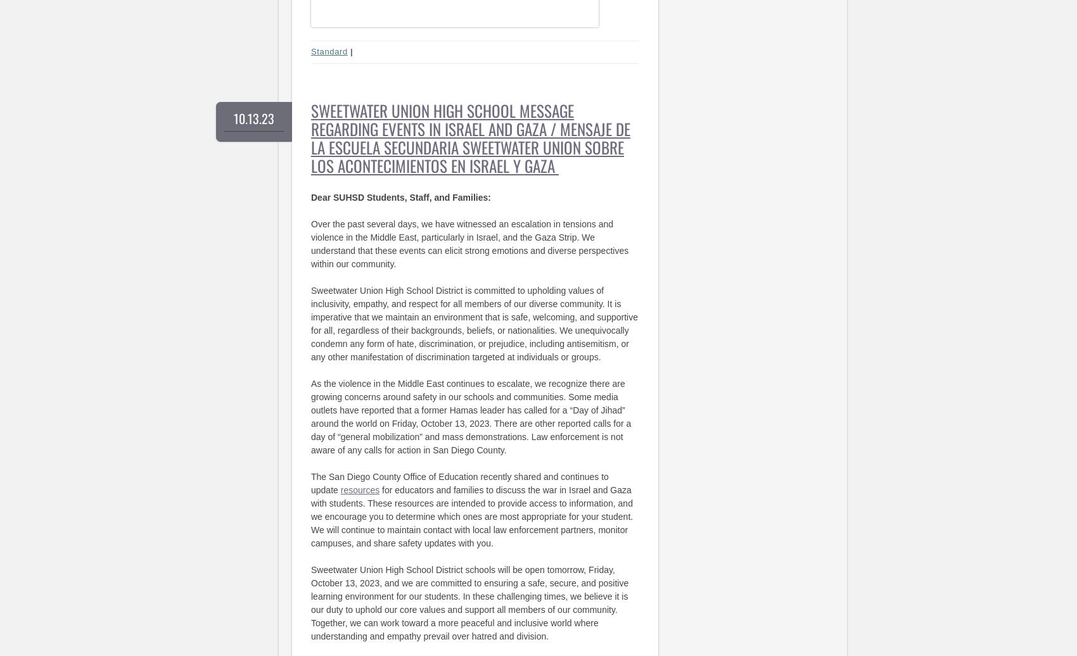 The image size is (1077, 656). Describe the element at coordinates (471, 516) in the screenshot. I see `'for educators and families to discuss the war in Israel and Gaza with students. These resources are intended to provide access to information, and we encourage you to determine which ones are most appropriate for your student. We will continue to maintain contact with local law enforcement partners, monitor campuses, and share safety updates with you.'` at that location.